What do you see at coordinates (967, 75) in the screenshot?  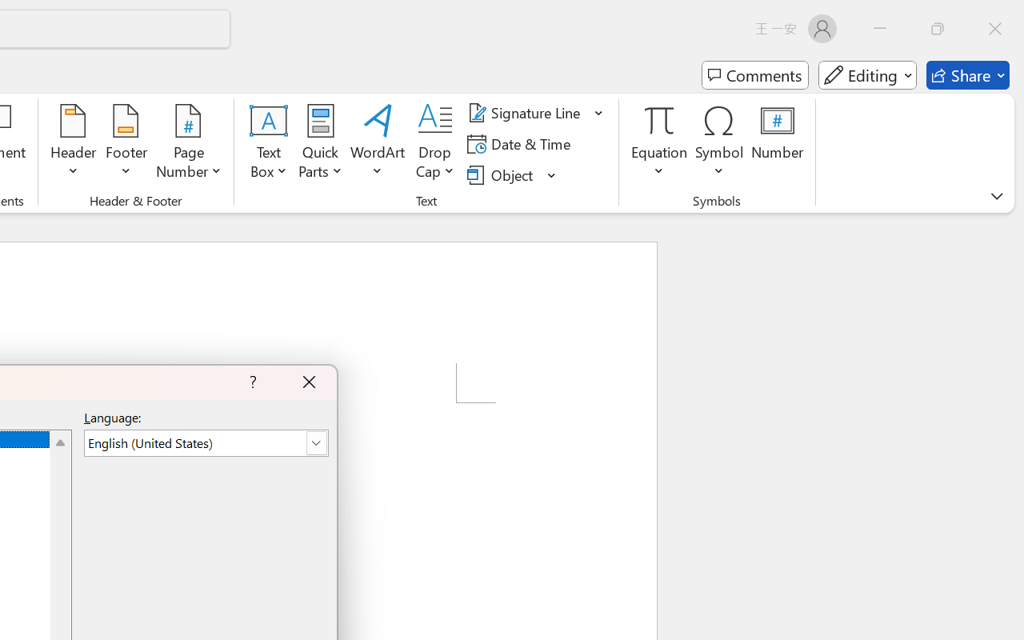 I see `'Share'` at bounding box center [967, 75].